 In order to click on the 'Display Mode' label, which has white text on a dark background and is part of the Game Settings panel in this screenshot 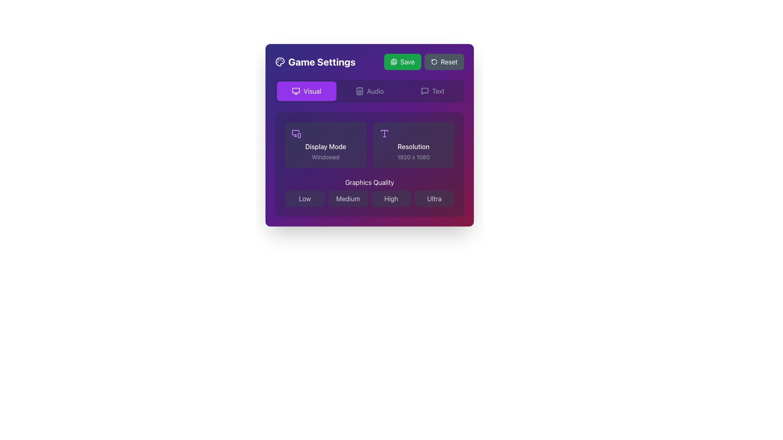, I will do `click(325, 146)`.